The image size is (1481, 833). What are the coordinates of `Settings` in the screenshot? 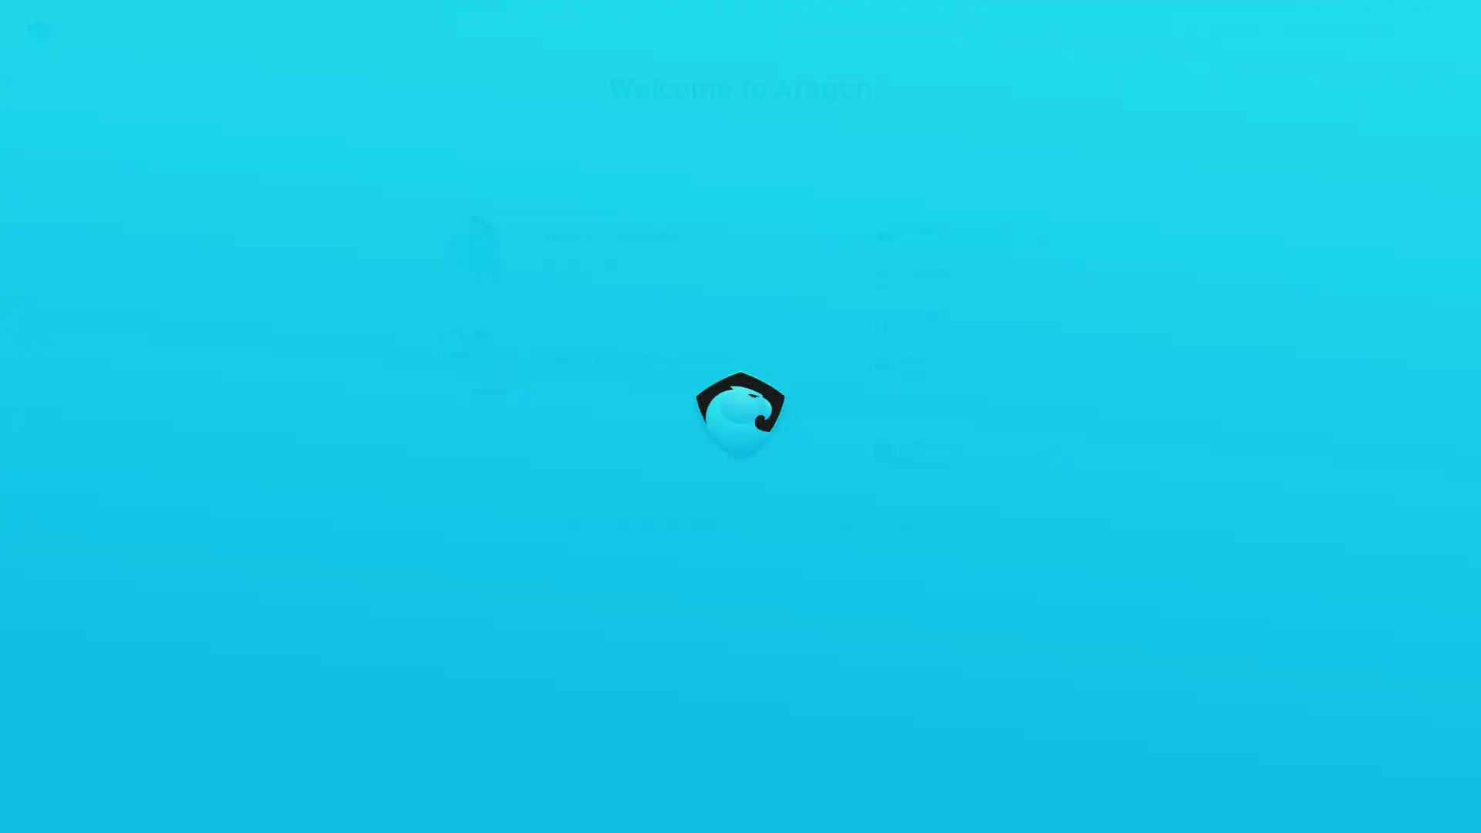 It's located at (1452, 23).